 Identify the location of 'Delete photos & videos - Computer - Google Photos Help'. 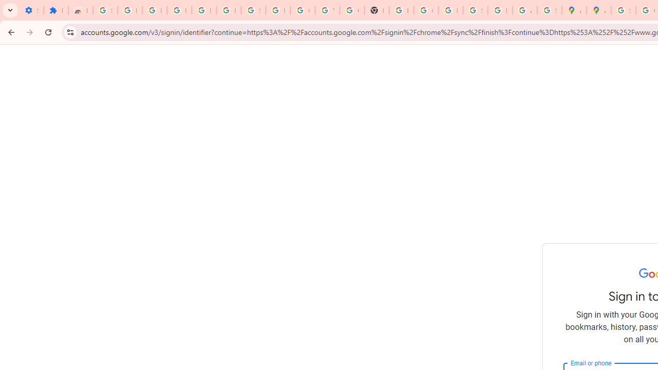
(179, 10).